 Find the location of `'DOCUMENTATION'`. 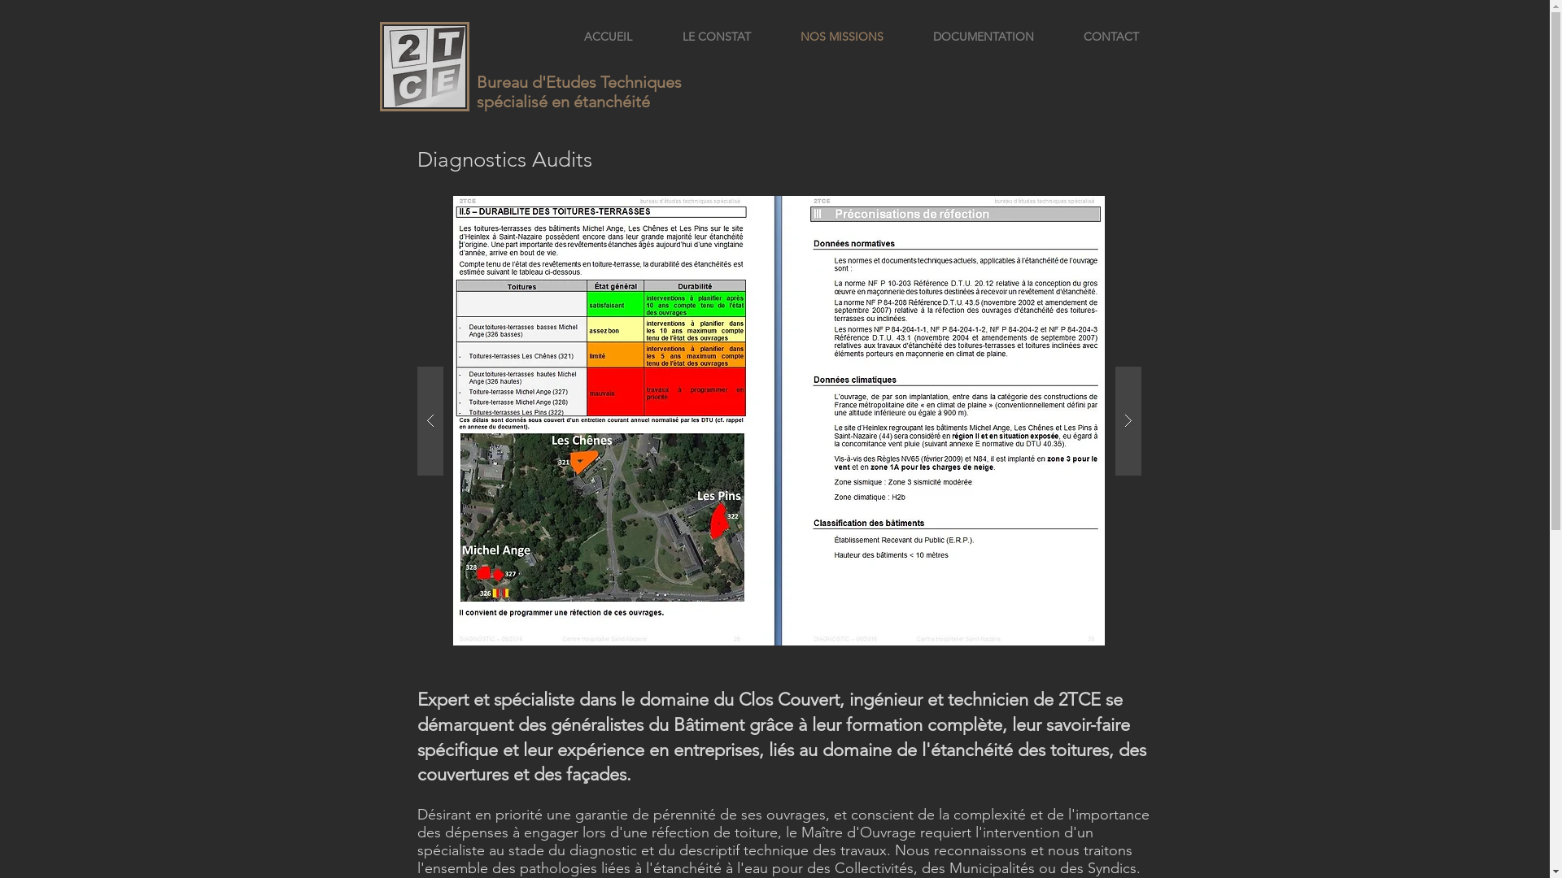

'DOCUMENTATION' is located at coordinates (982, 37).